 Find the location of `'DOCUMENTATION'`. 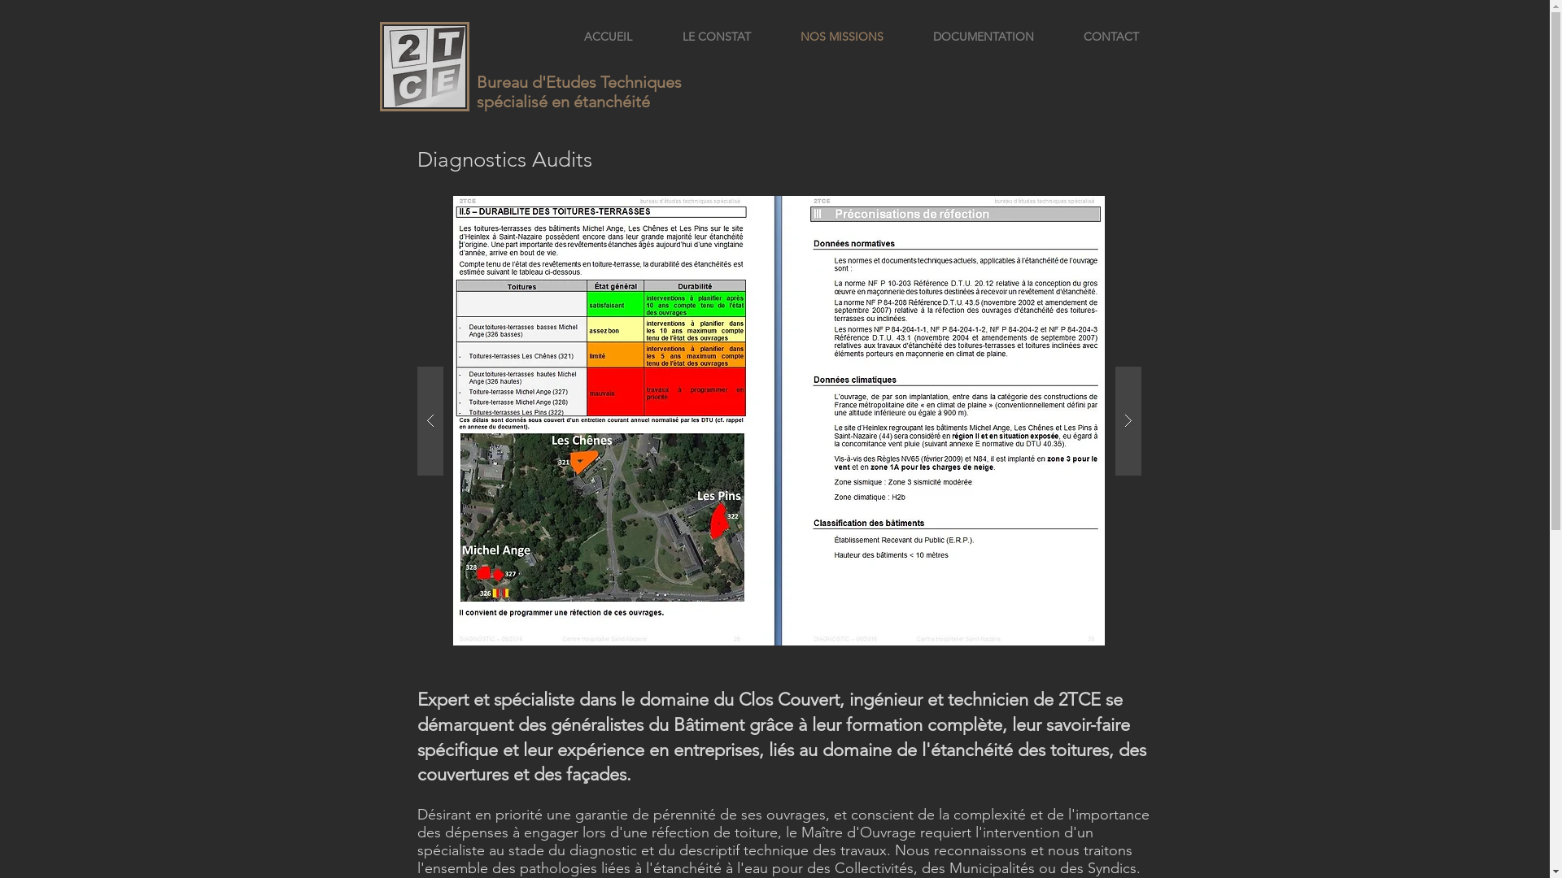

'DOCUMENTATION' is located at coordinates (982, 37).